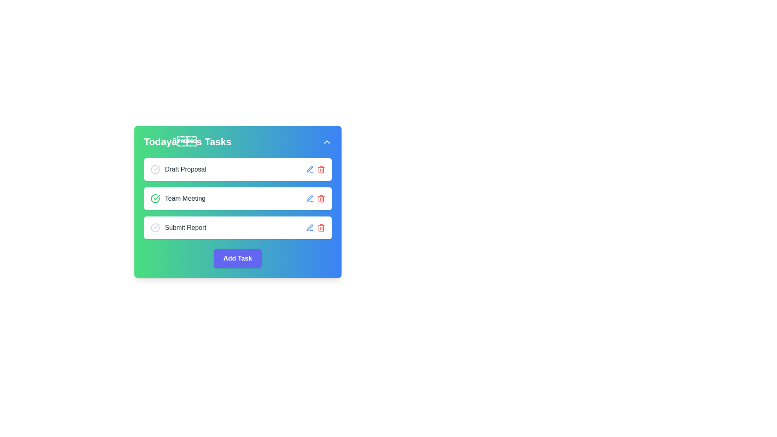  What do you see at coordinates (155, 228) in the screenshot?
I see `the Checkbox-like completion indicator for the task 'Submit Report'` at bounding box center [155, 228].